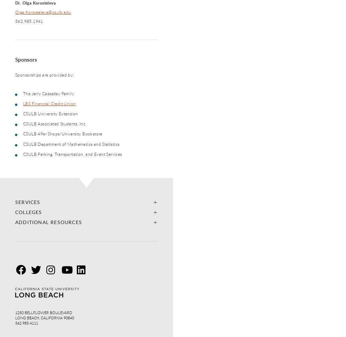 The image size is (346, 337). Describe the element at coordinates (44, 74) in the screenshot. I see `'Sponsorships are provided by:'` at that location.